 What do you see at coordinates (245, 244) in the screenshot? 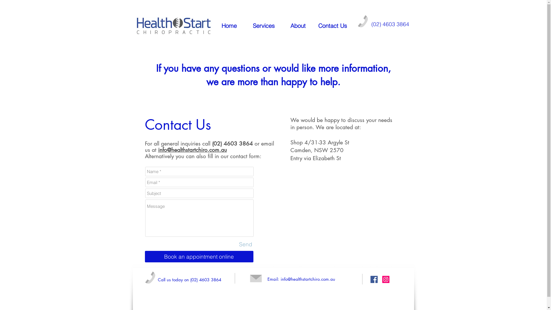
I see `'Send'` at bounding box center [245, 244].